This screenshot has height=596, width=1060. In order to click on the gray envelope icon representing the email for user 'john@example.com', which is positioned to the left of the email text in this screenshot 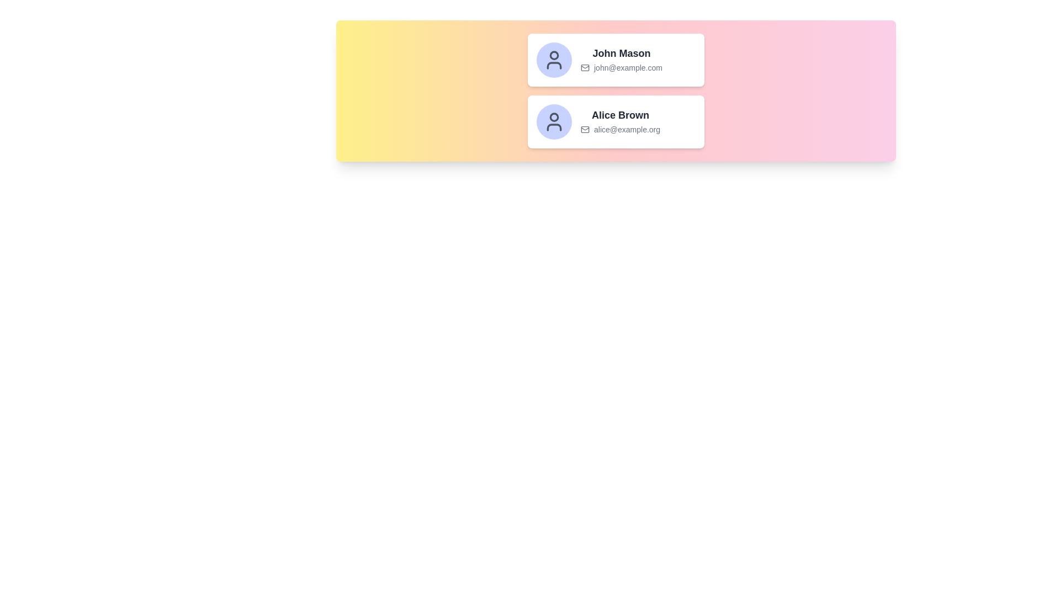, I will do `click(585, 68)`.